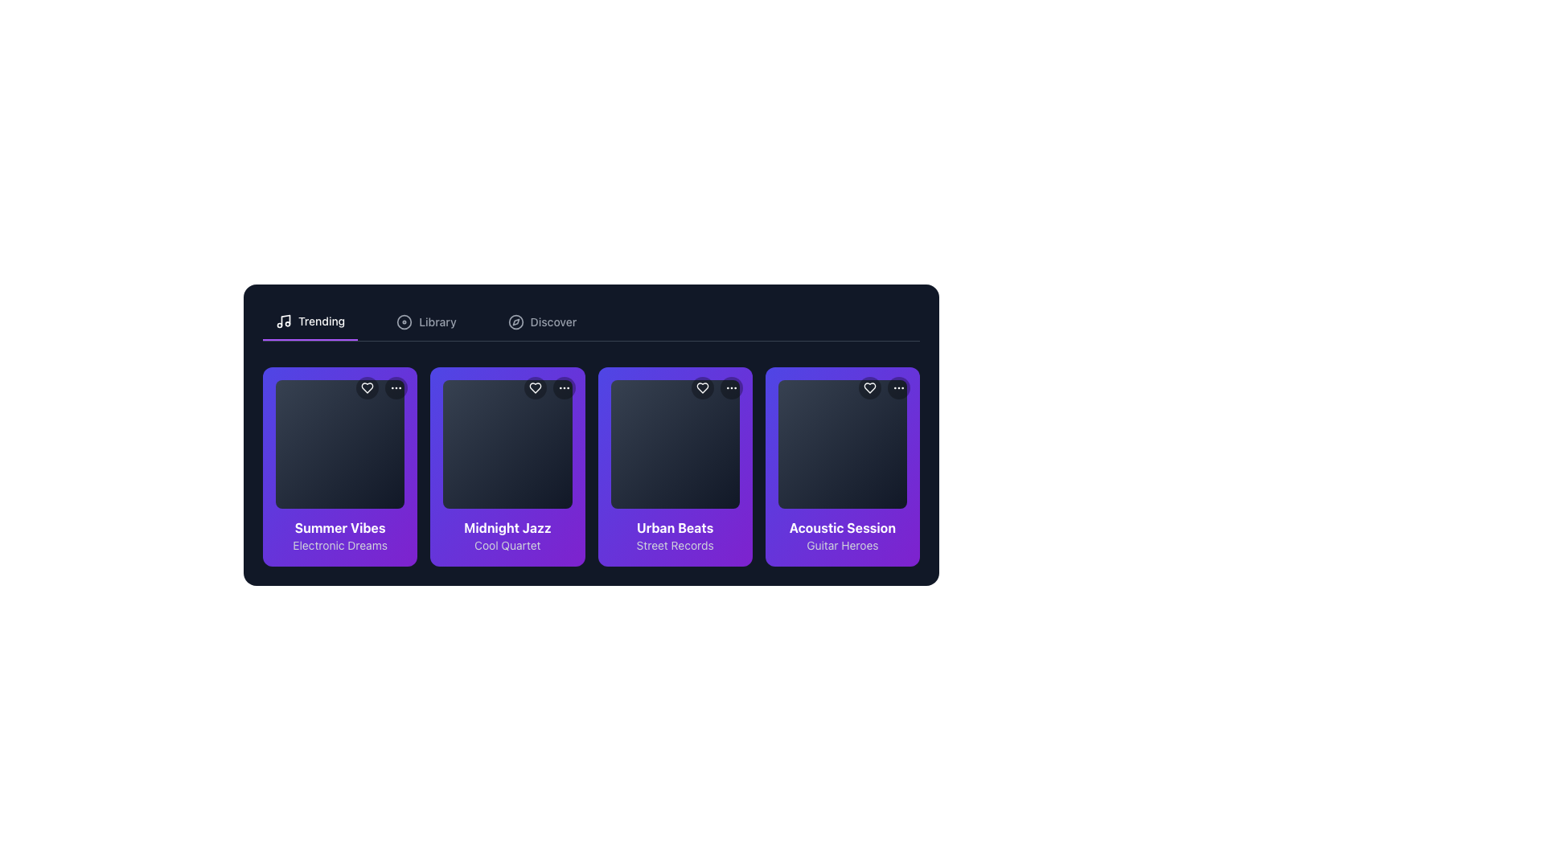 The image size is (1544, 868). Describe the element at coordinates (310, 322) in the screenshot. I see `the 'Trending' button, which is the first item in the navigation bar and is currently active, indicated by a purple border` at that location.